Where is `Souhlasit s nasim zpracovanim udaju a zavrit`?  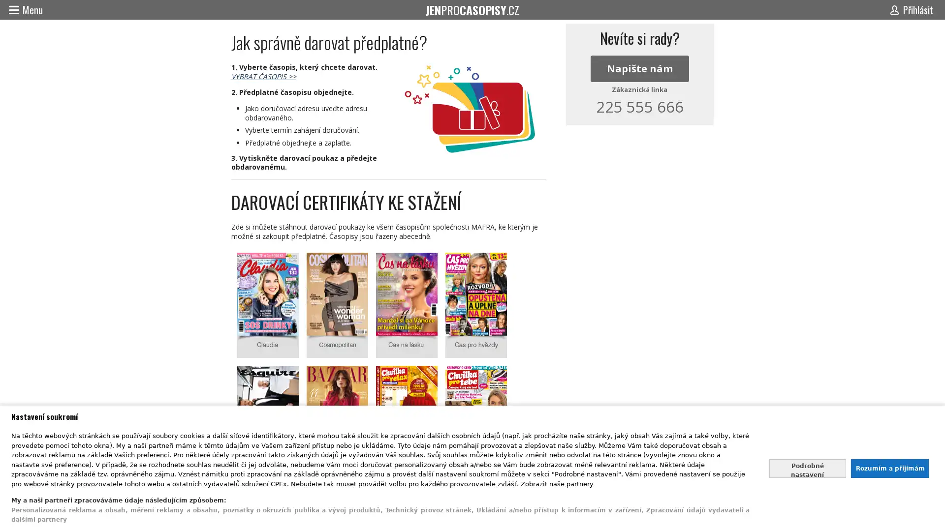
Souhlasit s nasim zpracovanim udaju a zavrit is located at coordinates (889, 468).